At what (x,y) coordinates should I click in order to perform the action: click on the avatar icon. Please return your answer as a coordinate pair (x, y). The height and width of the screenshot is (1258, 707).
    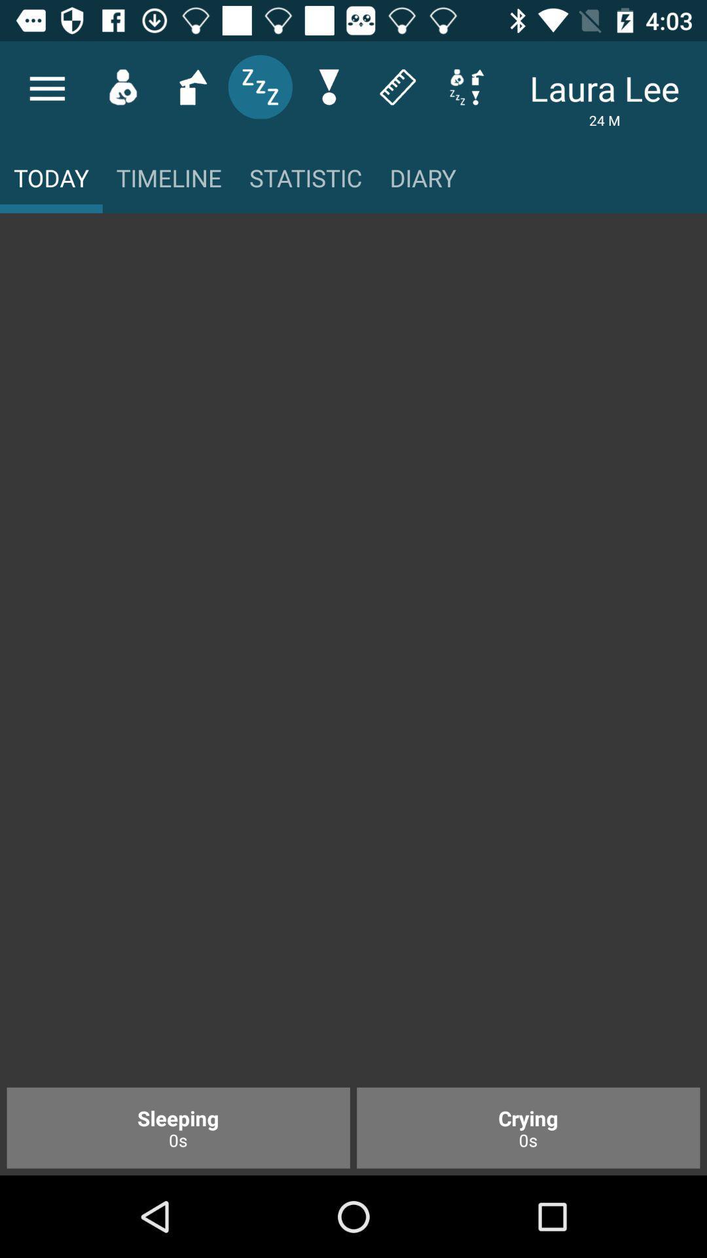
    Looking at the image, I should click on (122, 86).